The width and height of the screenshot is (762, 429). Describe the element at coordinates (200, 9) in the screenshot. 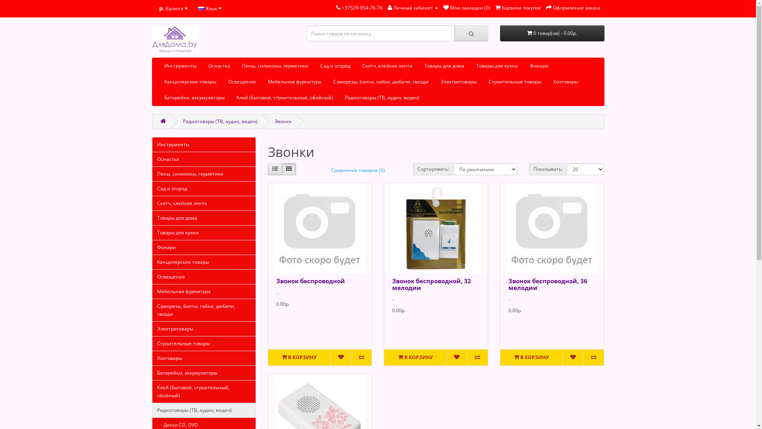

I see `'Russian'` at that location.